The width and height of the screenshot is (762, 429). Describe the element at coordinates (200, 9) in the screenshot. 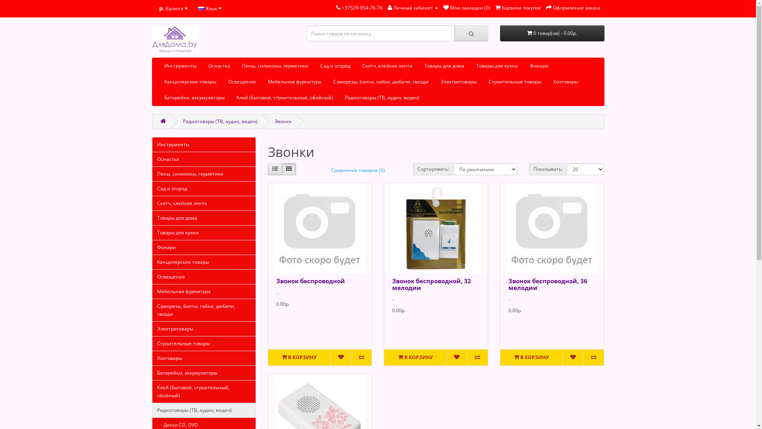

I see `'Russian'` at that location.